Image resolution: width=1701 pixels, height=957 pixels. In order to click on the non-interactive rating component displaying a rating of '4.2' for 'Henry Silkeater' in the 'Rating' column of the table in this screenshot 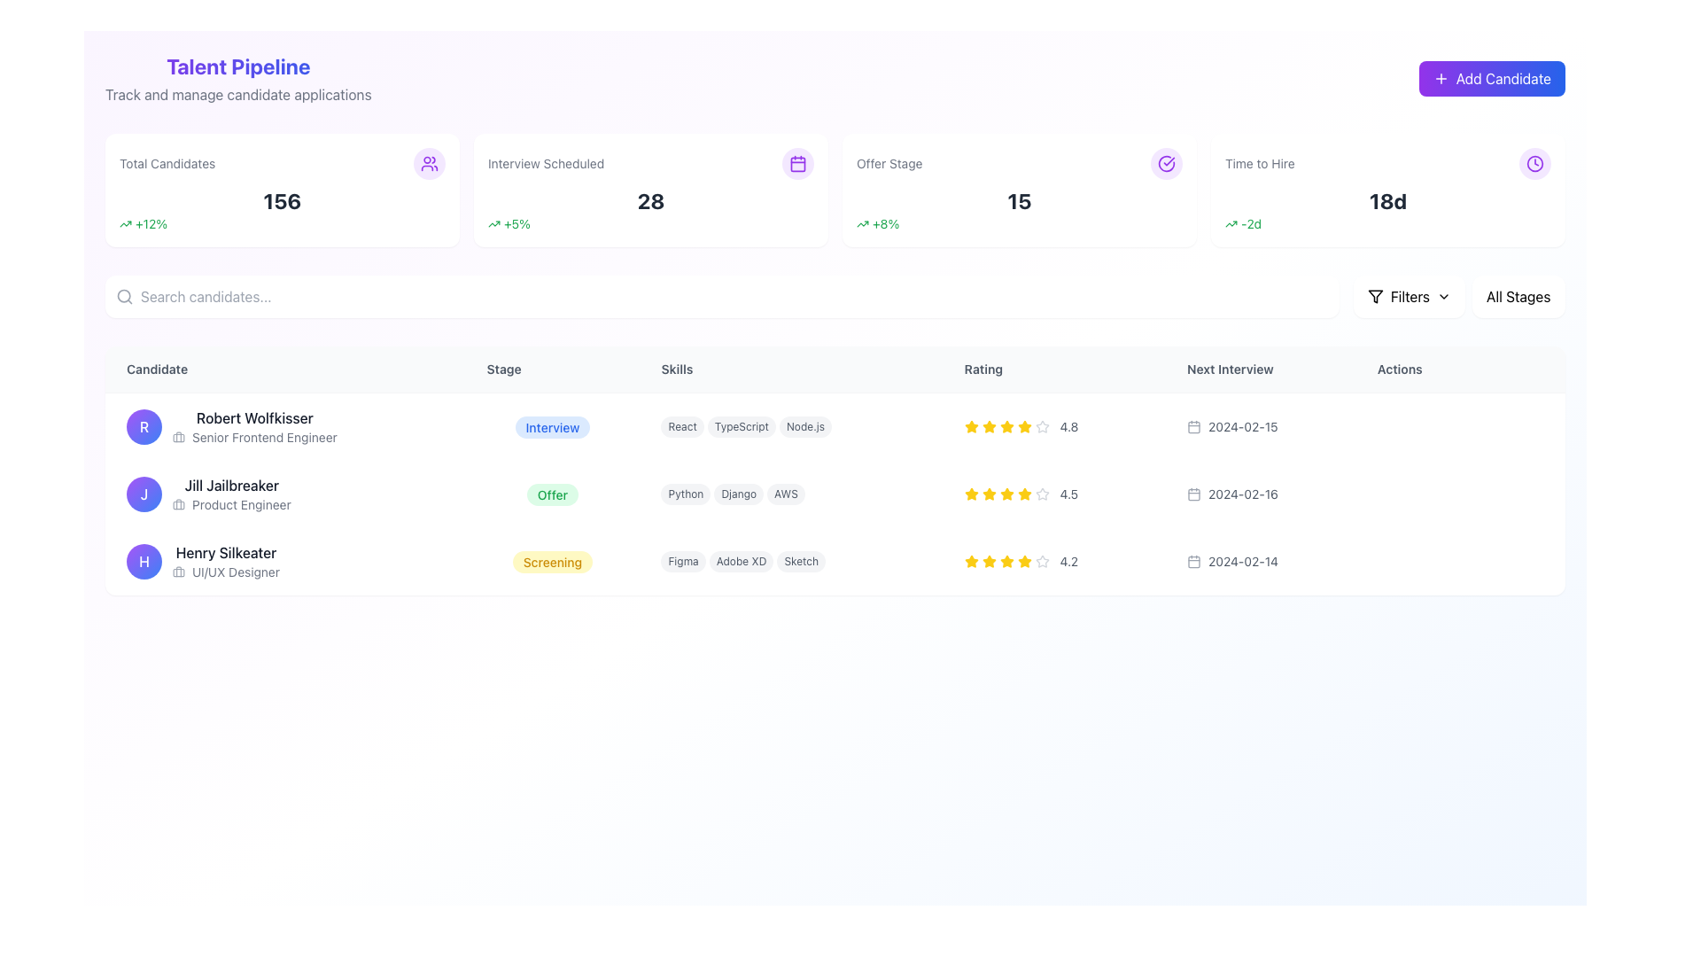, I will do `click(1054, 561)`.